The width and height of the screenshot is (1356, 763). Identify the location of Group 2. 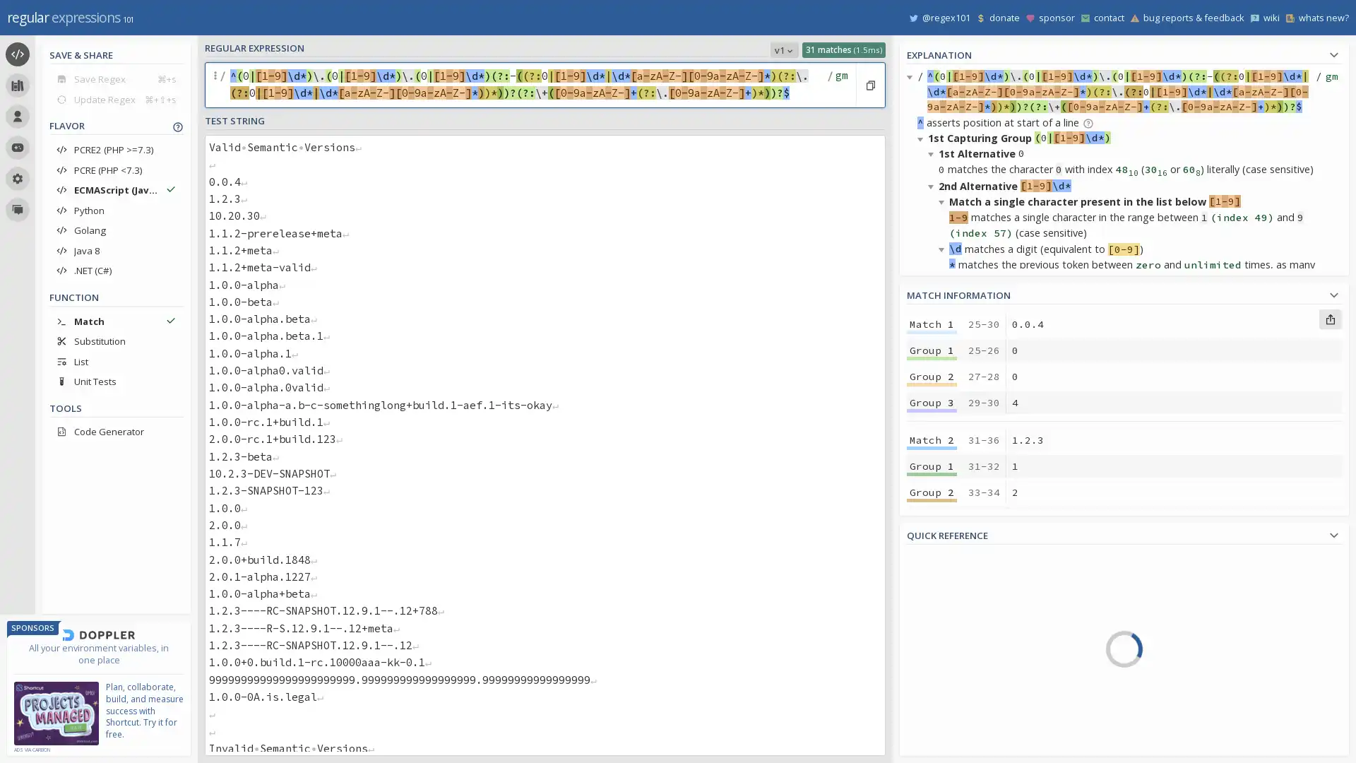
(932, 375).